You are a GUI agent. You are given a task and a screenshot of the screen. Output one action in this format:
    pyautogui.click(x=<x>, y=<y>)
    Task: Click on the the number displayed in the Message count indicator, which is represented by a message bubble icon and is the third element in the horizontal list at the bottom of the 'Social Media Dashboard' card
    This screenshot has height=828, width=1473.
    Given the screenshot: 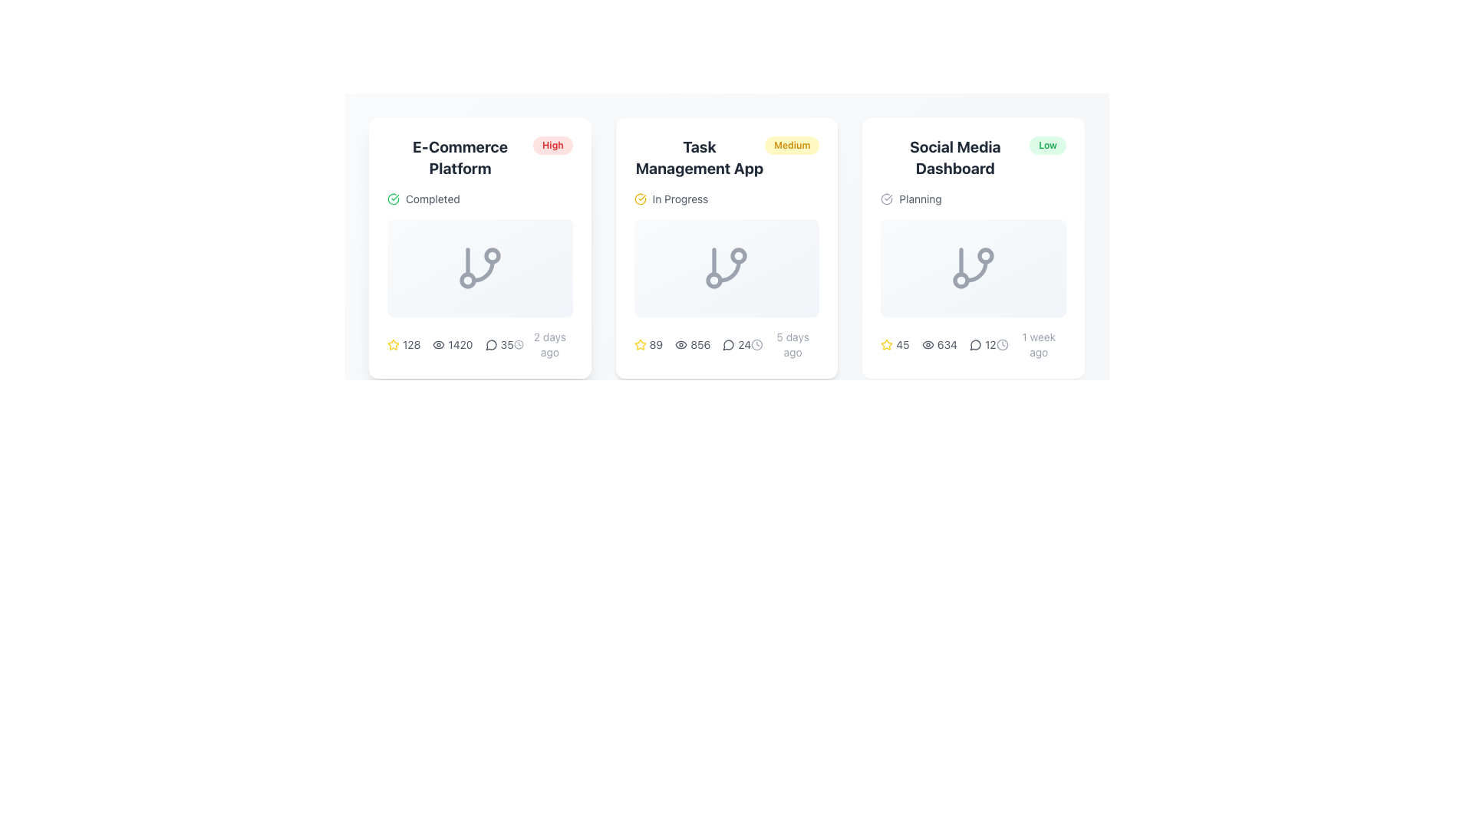 What is the action you would take?
    pyautogui.click(x=973, y=345)
    